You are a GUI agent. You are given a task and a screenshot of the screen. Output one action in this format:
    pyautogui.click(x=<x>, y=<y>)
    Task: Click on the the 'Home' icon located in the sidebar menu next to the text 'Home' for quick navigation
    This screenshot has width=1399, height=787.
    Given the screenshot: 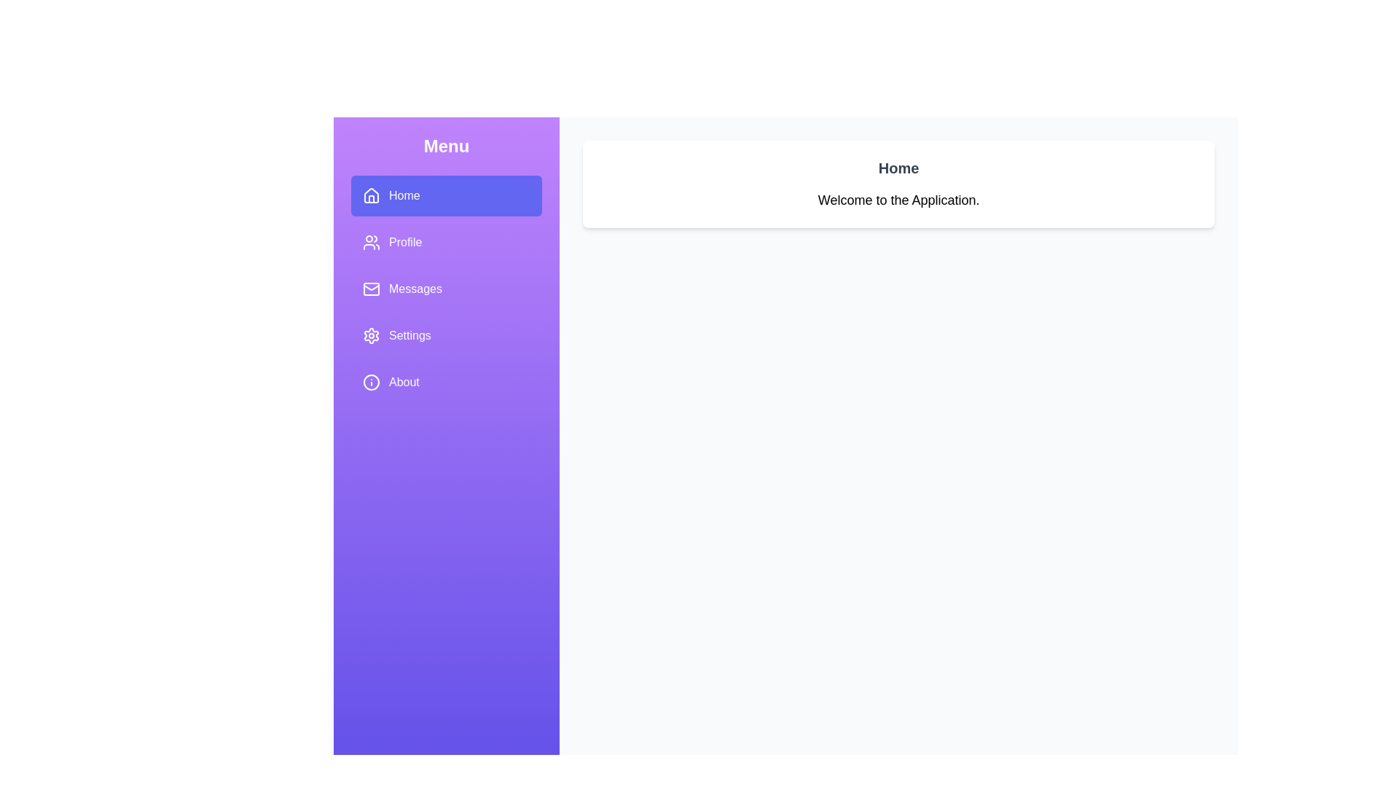 What is the action you would take?
    pyautogui.click(x=371, y=194)
    